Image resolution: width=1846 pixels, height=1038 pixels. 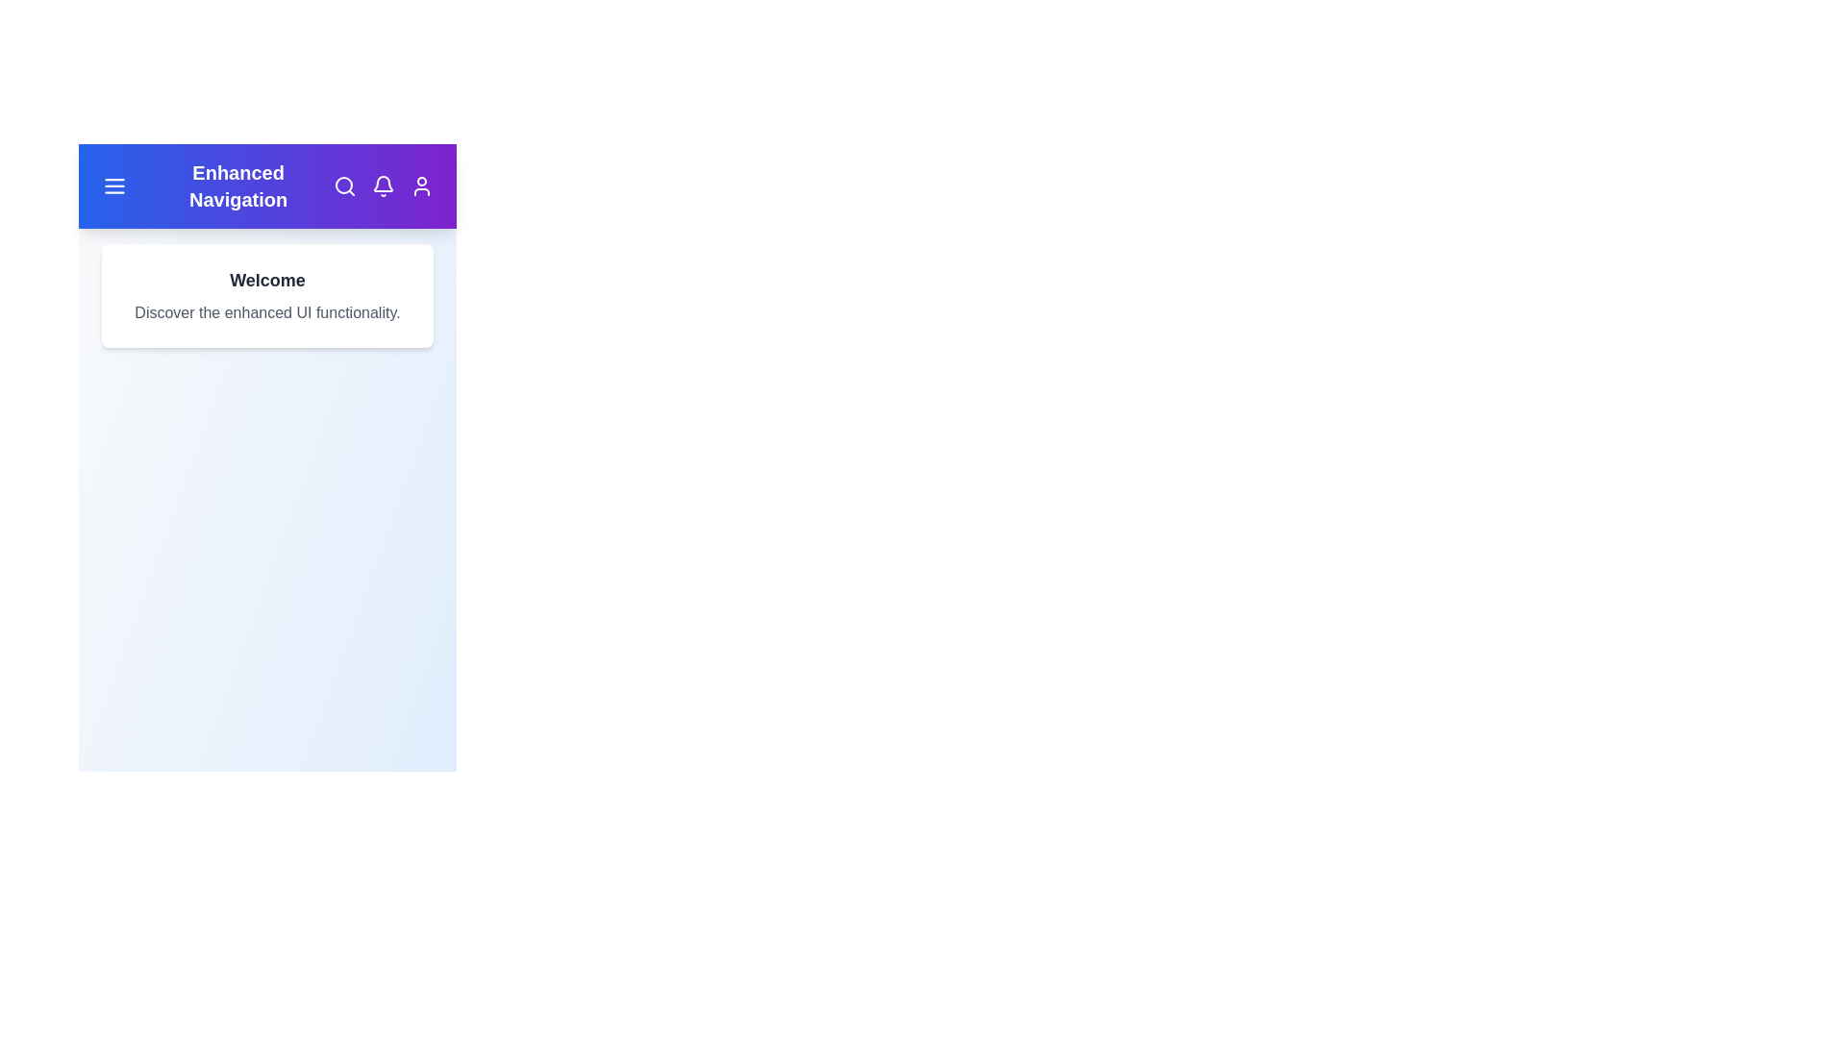 I want to click on the search icon in the navigation bar, so click(x=345, y=185).